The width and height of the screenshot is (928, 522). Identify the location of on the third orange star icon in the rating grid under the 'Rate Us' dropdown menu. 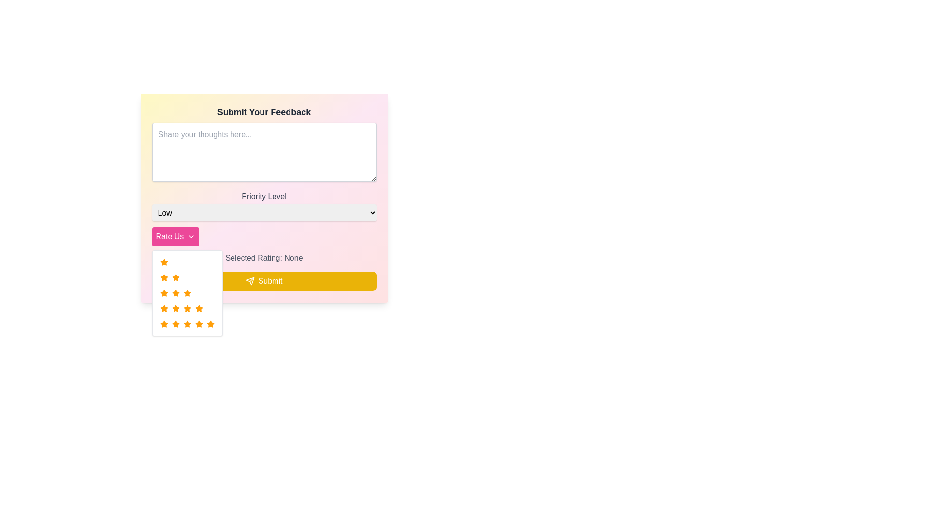
(164, 292).